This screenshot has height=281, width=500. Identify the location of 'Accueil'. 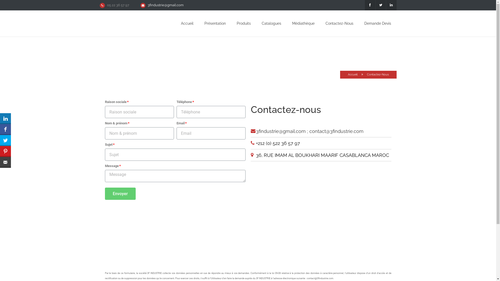
(353, 74).